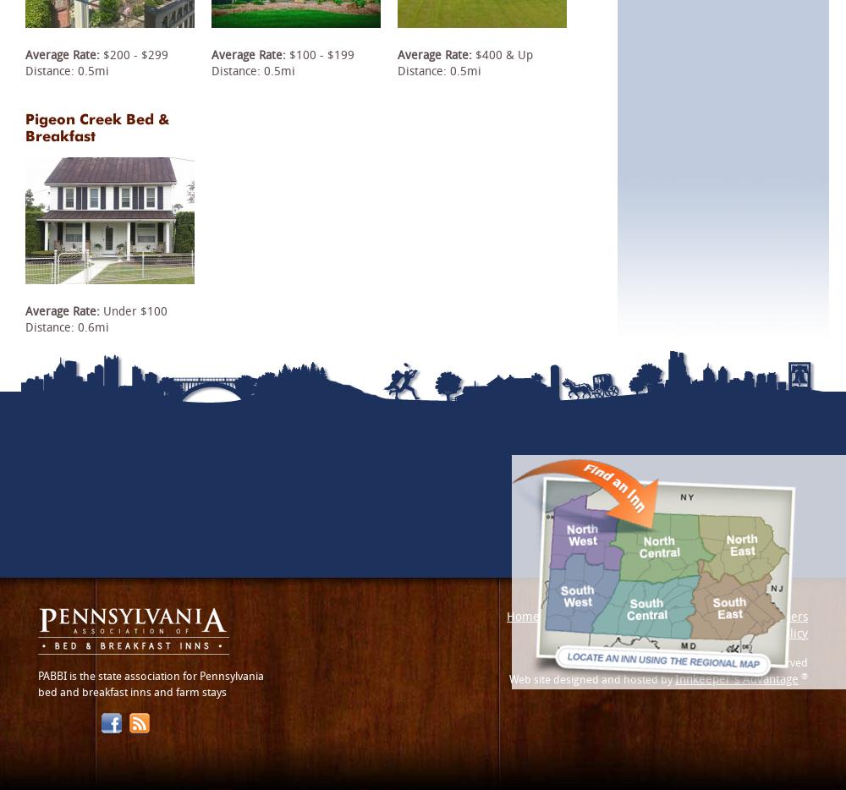 The width and height of the screenshot is (846, 790). I want to click on '$200 - $299', so click(102, 53).